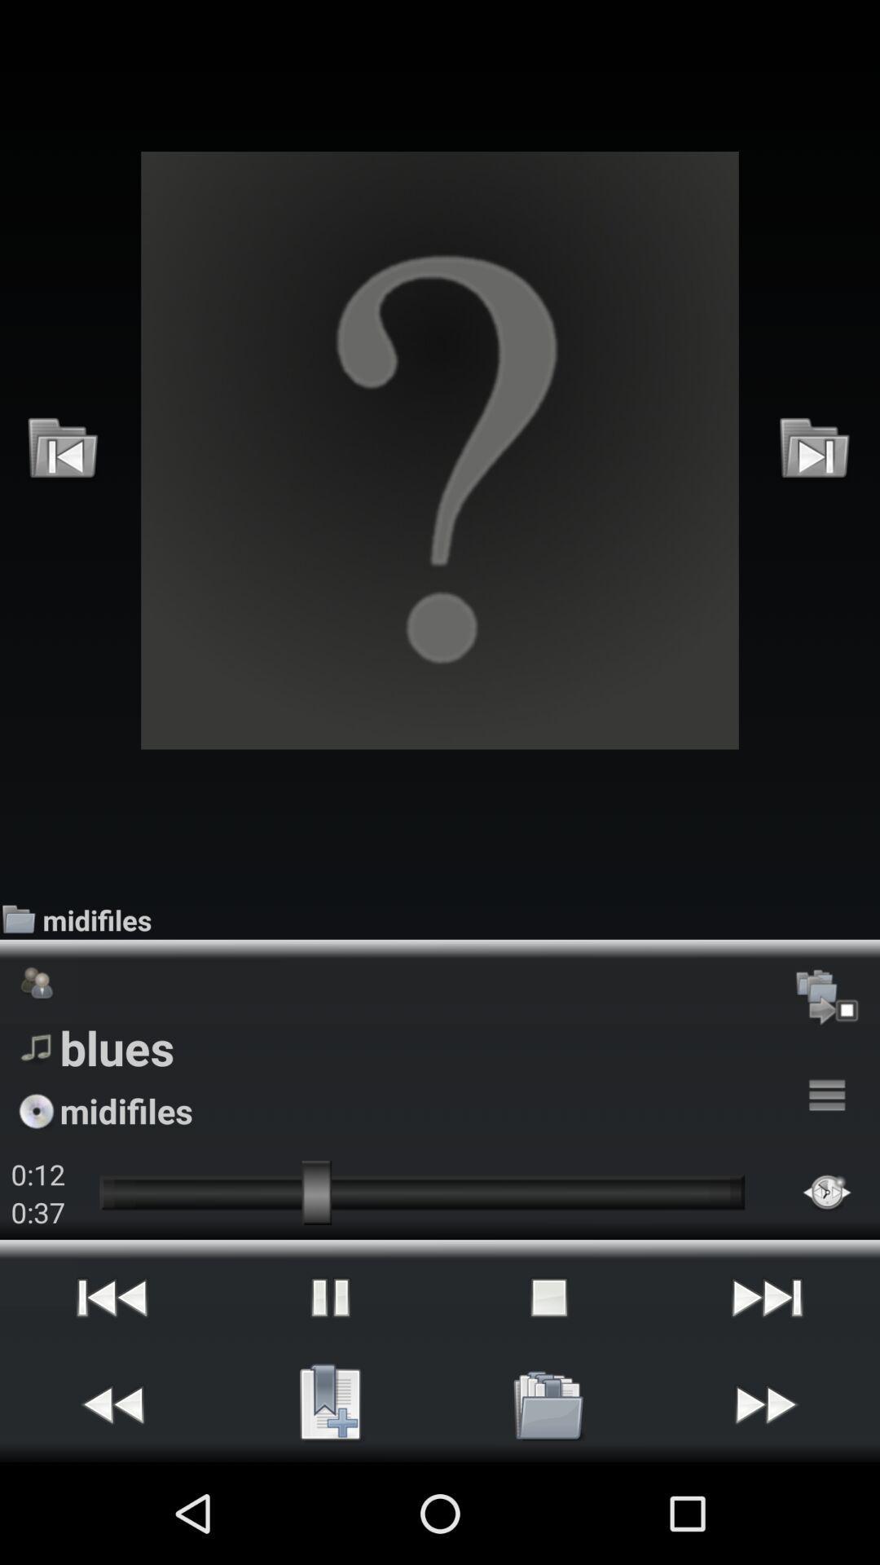 The image size is (880, 1565). Describe the element at coordinates (112, 1296) in the screenshot. I see `the item below the 0:37 icon` at that location.